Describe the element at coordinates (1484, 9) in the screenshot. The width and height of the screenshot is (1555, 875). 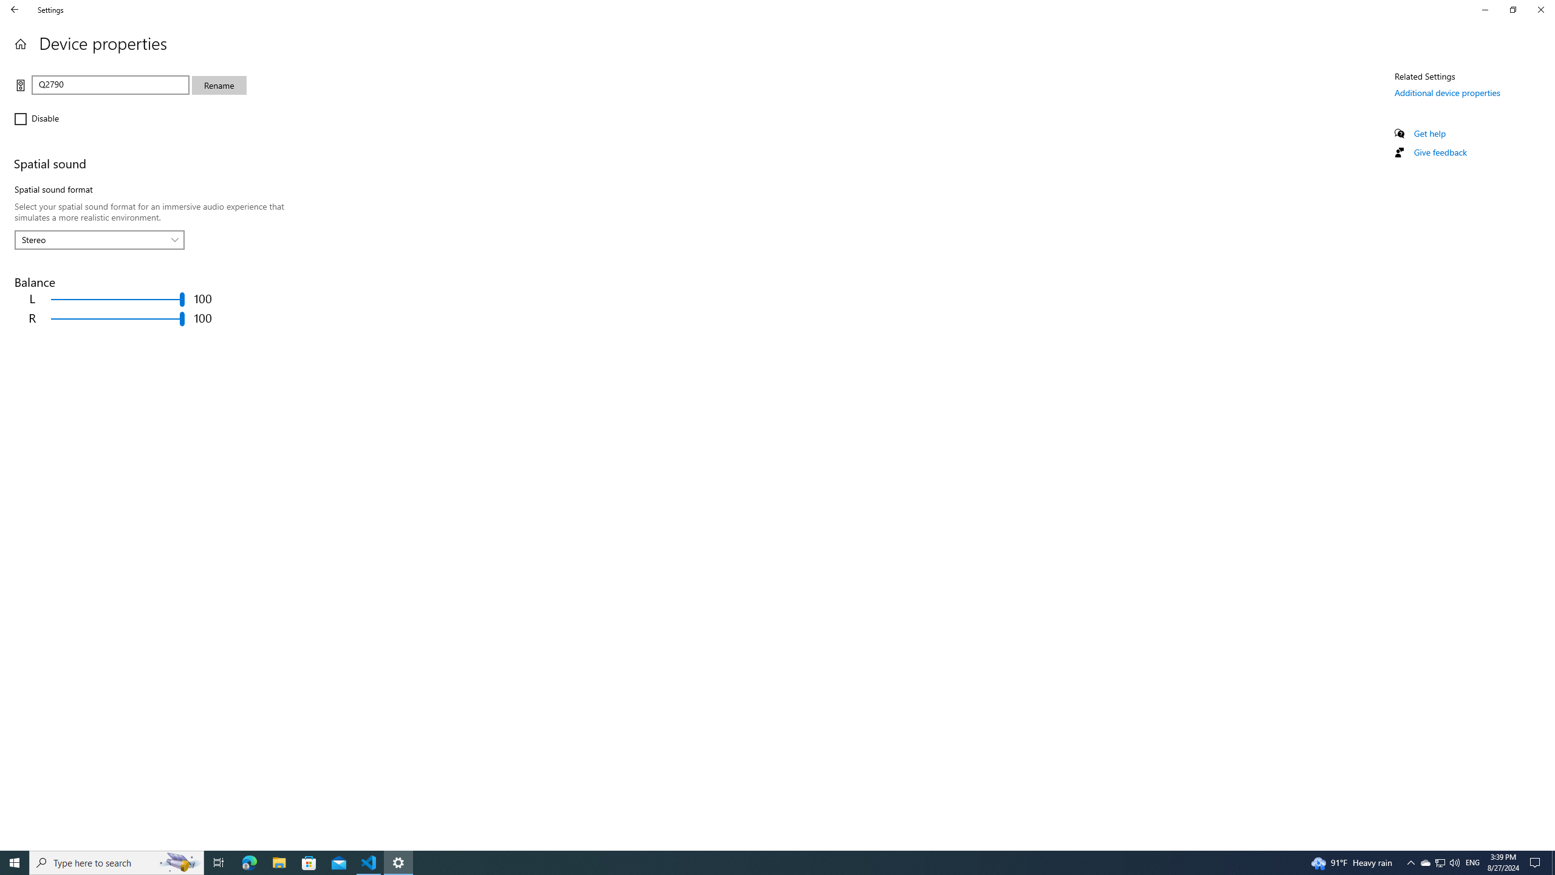
I see `'Minimize Settings'` at that location.